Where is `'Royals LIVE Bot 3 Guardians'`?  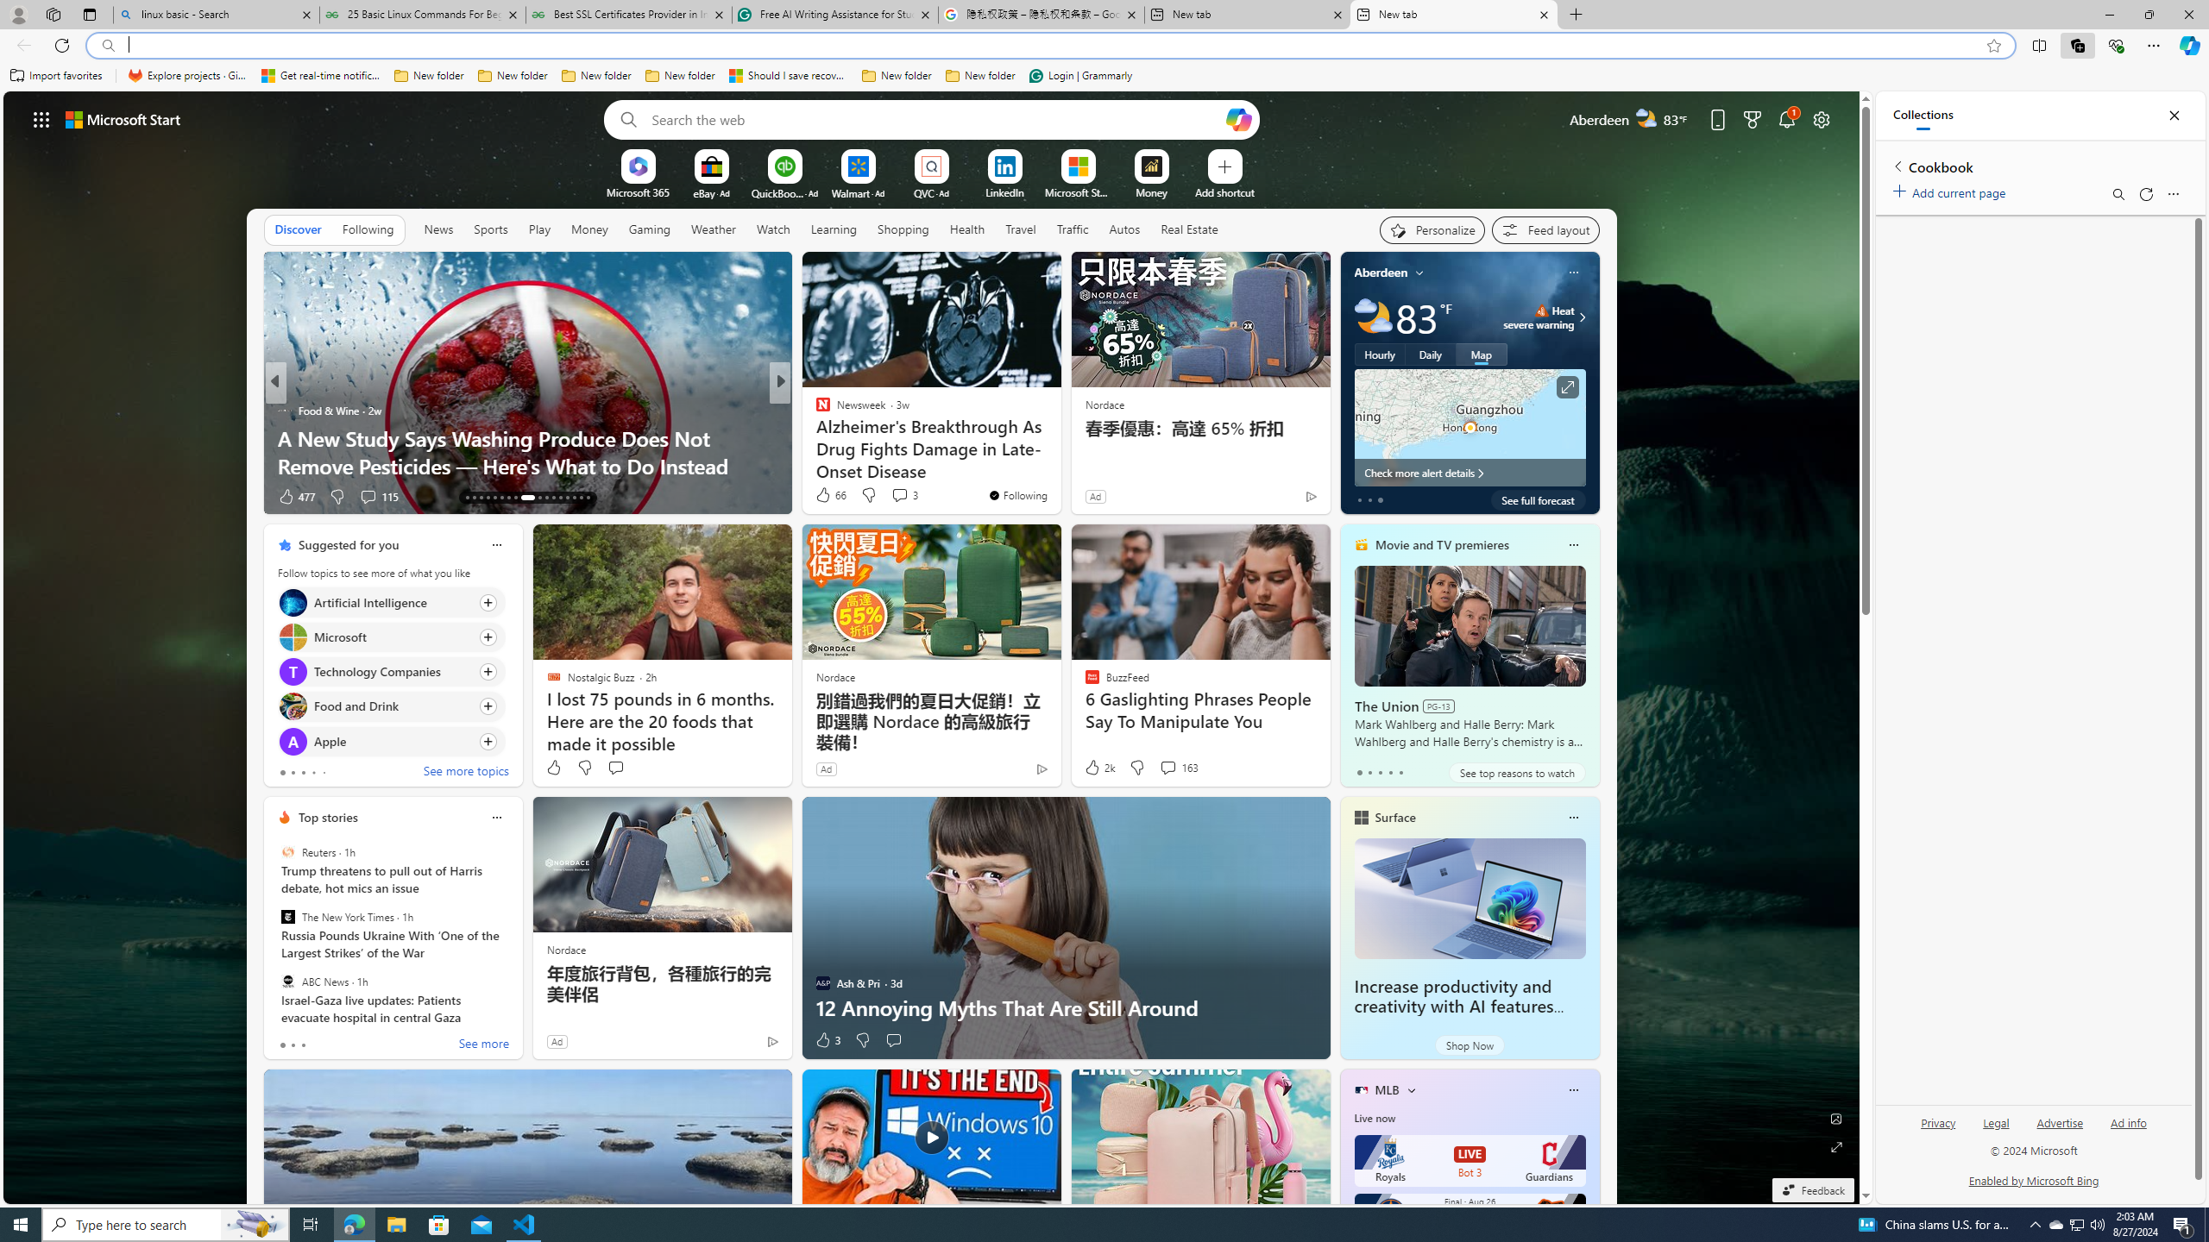
'Royals LIVE Bot 3 Guardians' is located at coordinates (1470, 1160).